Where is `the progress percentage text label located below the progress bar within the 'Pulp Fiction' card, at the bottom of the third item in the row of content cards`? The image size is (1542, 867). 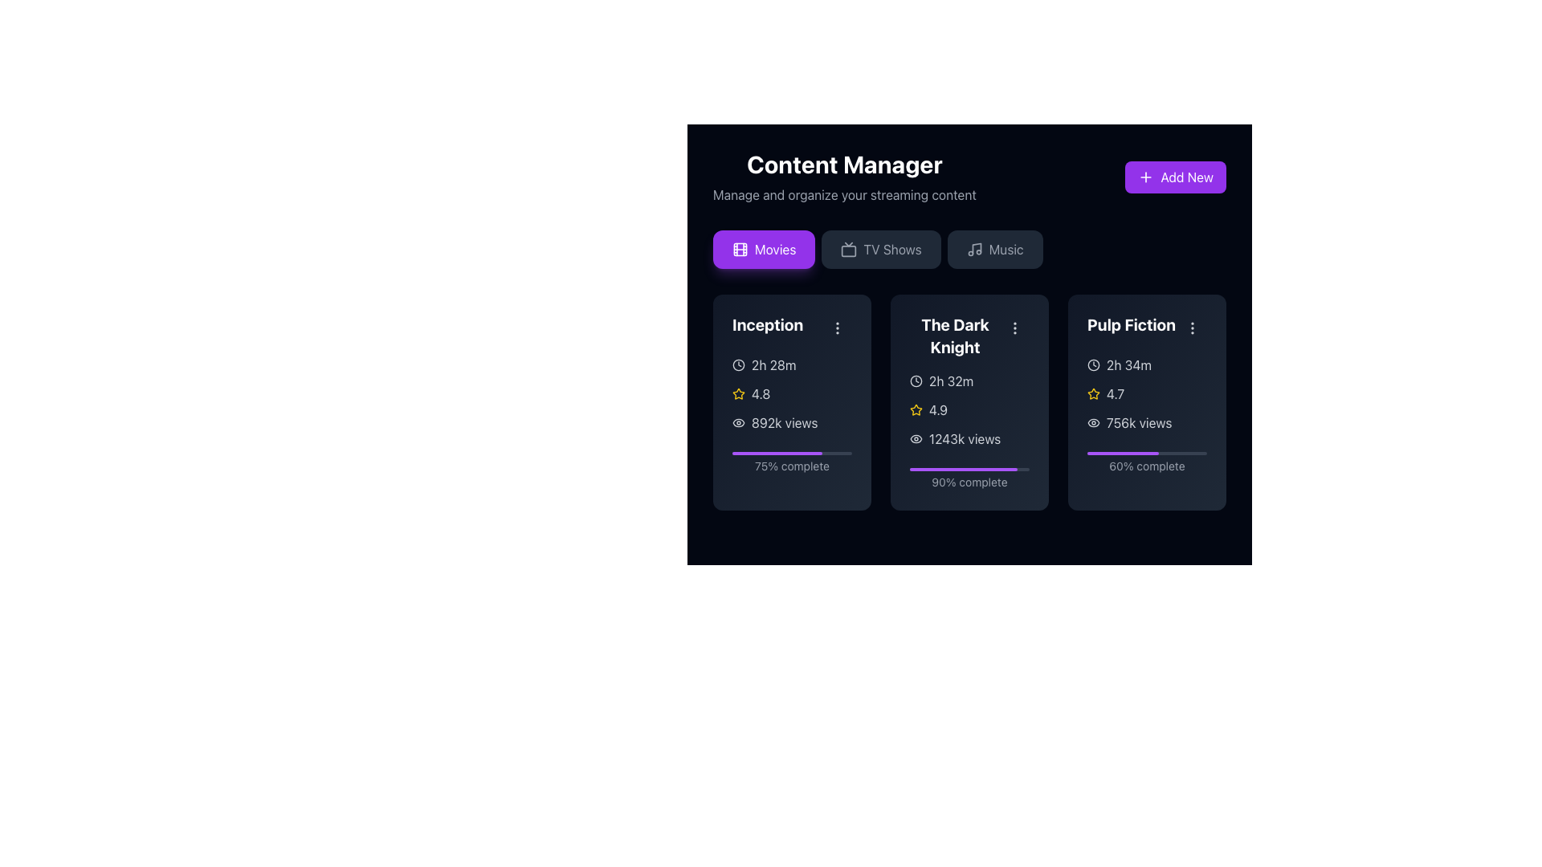 the progress percentage text label located below the progress bar within the 'Pulp Fiction' card, at the bottom of the third item in the row of content cards is located at coordinates (1146, 466).